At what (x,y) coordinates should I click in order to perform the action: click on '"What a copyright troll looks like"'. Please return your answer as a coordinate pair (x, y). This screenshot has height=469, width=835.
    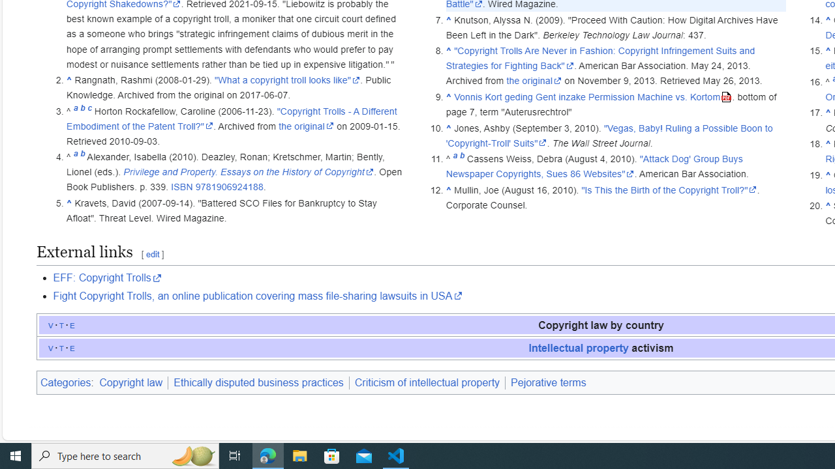
    Looking at the image, I should click on (286, 80).